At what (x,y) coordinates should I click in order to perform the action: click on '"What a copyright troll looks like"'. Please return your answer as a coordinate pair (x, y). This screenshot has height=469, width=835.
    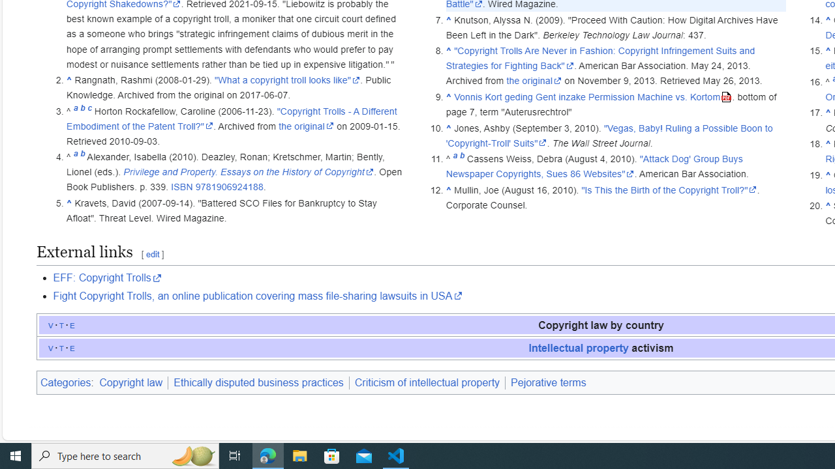
    Looking at the image, I should click on (286, 80).